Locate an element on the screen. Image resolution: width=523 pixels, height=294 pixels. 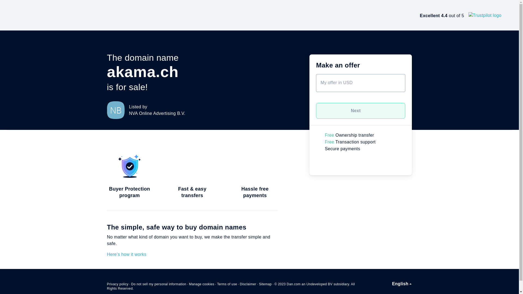
'Manage cookies' is located at coordinates (201, 284).